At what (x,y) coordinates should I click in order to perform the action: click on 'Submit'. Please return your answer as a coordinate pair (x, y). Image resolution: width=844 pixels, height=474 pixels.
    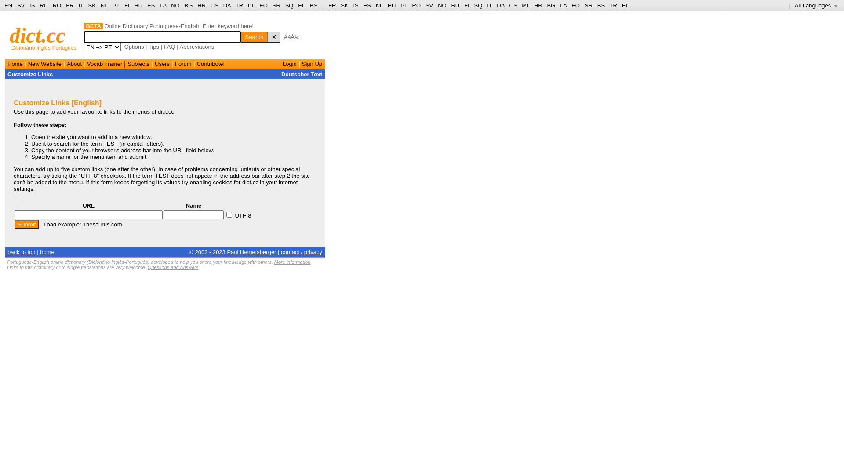
    Looking at the image, I should click on (26, 224).